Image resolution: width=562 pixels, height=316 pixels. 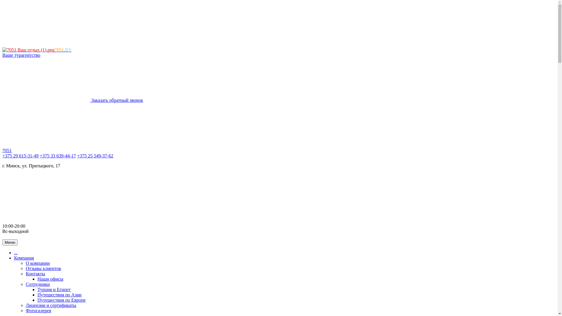 I want to click on '+375 29 615-31-49', so click(x=2, y=155).